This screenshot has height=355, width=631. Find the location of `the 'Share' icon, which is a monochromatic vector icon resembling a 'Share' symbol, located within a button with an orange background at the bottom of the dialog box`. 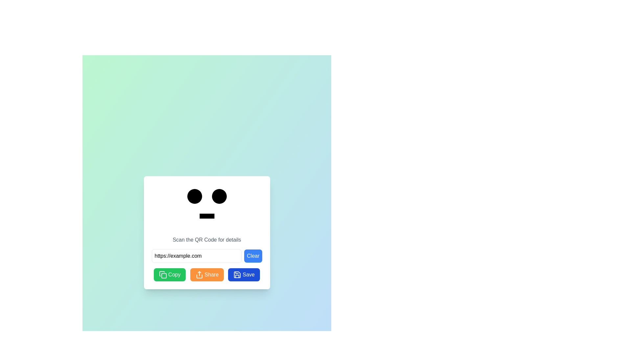

the 'Share' icon, which is a monochromatic vector icon resembling a 'Share' symbol, located within a button with an orange background at the bottom of the dialog box is located at coordinates (199, 275).